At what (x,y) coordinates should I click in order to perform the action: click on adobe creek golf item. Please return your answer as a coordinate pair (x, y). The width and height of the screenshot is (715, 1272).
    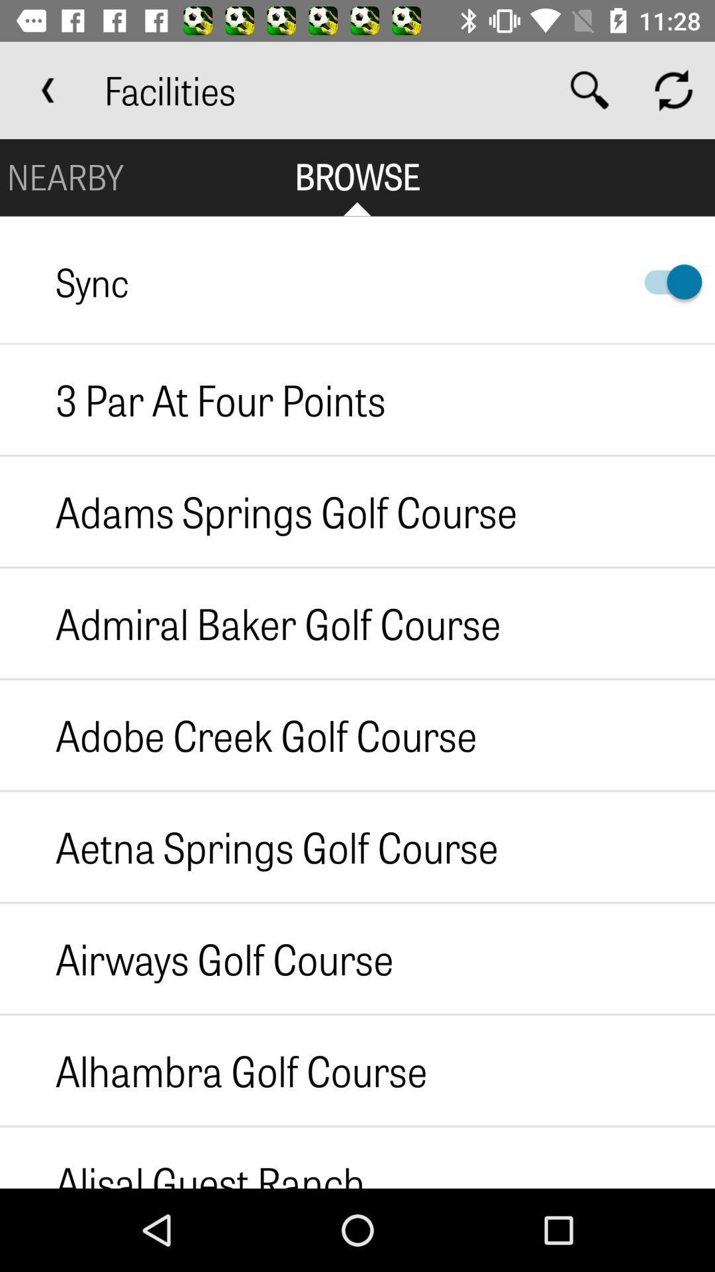
    Looking at the image, I should click on (238, 734).